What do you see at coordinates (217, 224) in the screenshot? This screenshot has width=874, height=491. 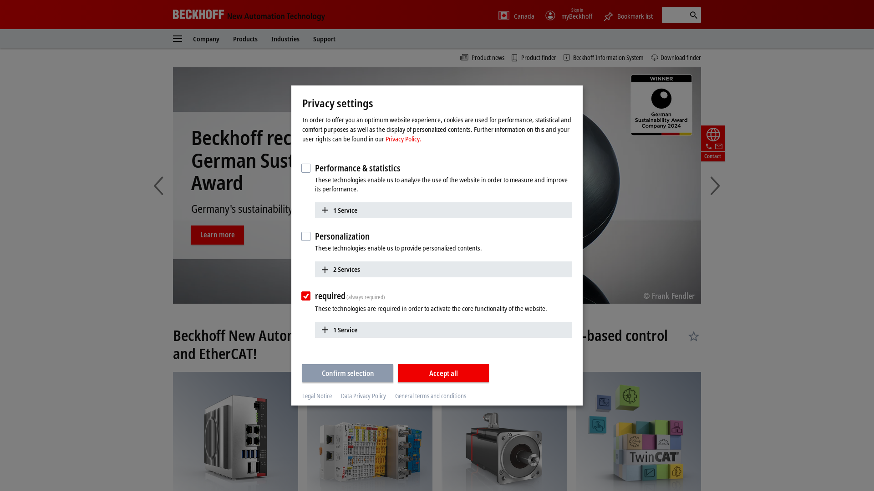 I see `'Learn more'` at bounding box center [217, 224].